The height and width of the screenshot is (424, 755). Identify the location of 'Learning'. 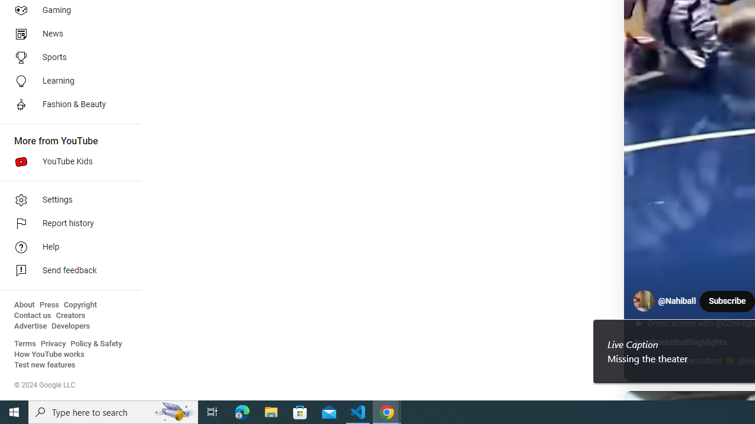
(66, 80).